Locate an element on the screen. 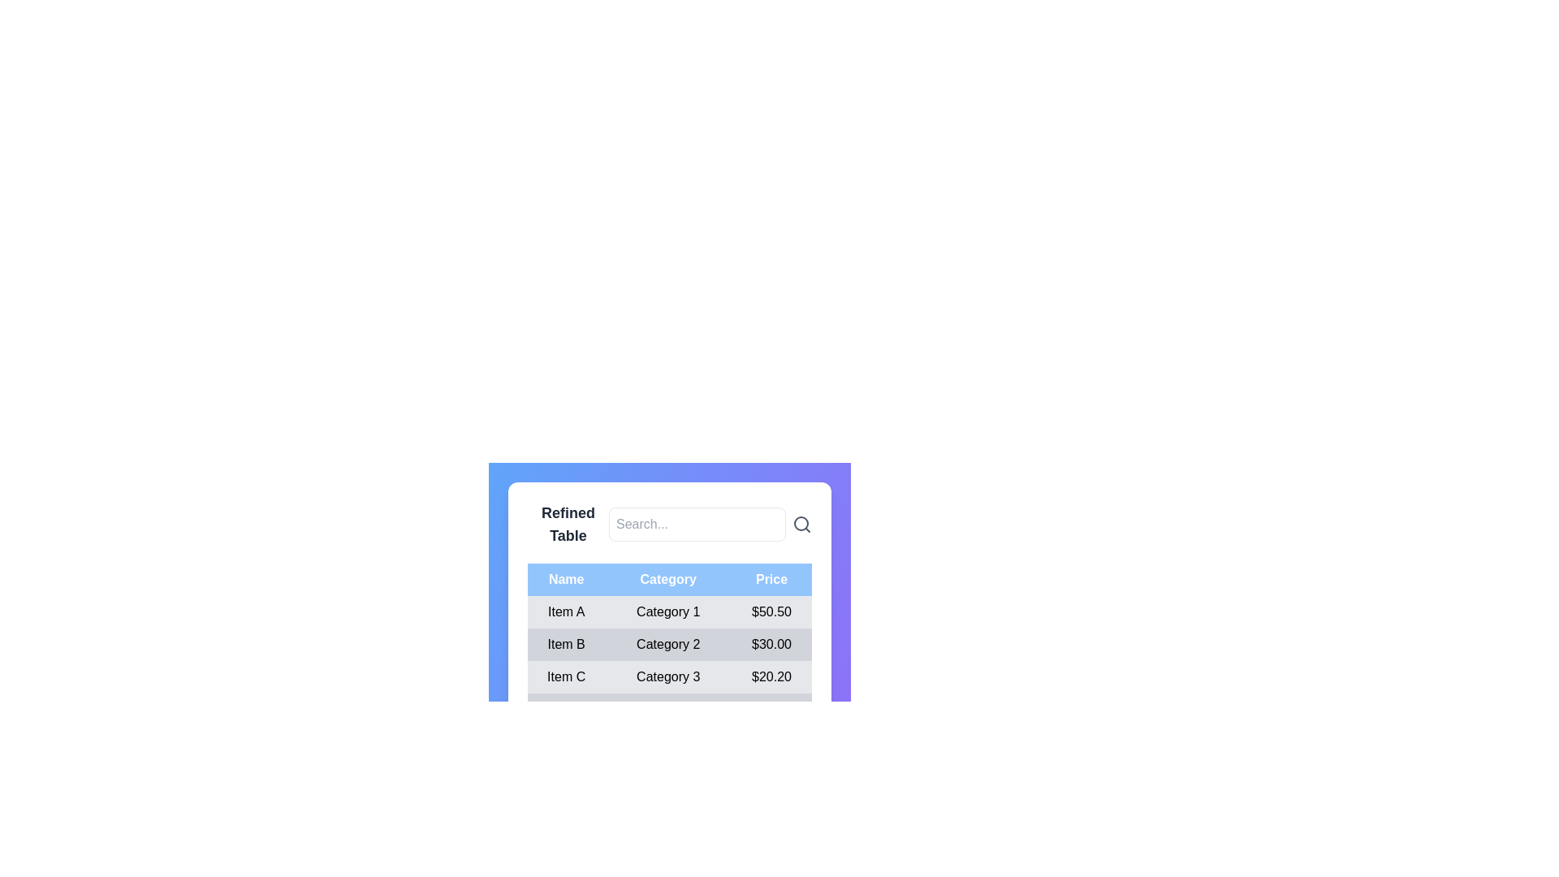  the 'Price' column header, which is the third header in a set of three horizontal headers in the table layout is located at coordinates (771, 578).